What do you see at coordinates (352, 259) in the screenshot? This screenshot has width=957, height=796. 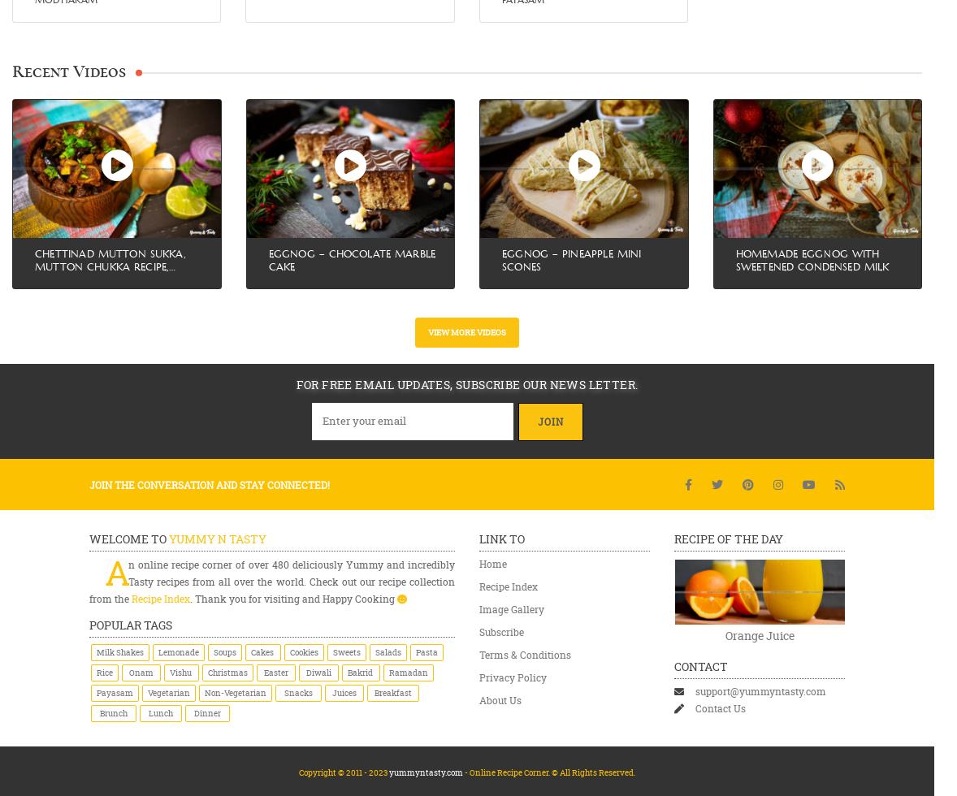 I see `'Eggnog – Chocolate Marble Cake'` at bounding box center [352, 259].